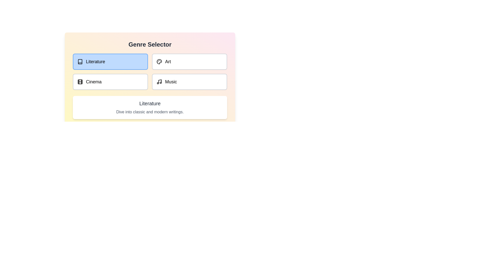  I want to click on the open book icon representing the 'Literature' category, so click(80, 61).